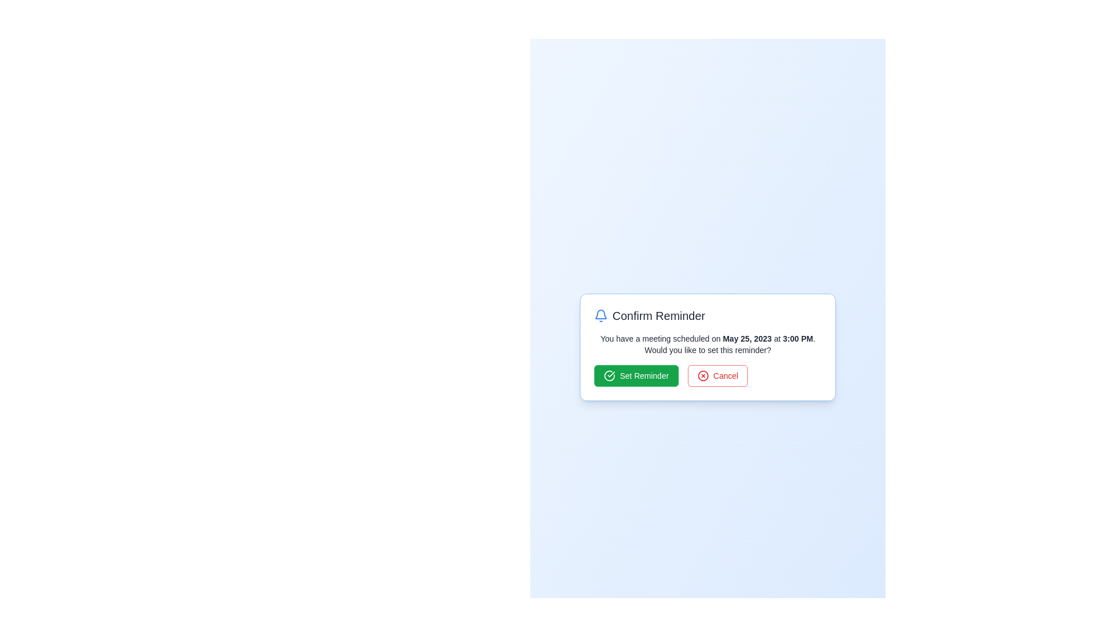  What do you see at coordinates (600, 315) in the screenshot?
I see `the notification icon located to the far left of the 'Confirm Reminder' section, above the accompanying text and to the left of the title text` at bounding box center [600, 315].